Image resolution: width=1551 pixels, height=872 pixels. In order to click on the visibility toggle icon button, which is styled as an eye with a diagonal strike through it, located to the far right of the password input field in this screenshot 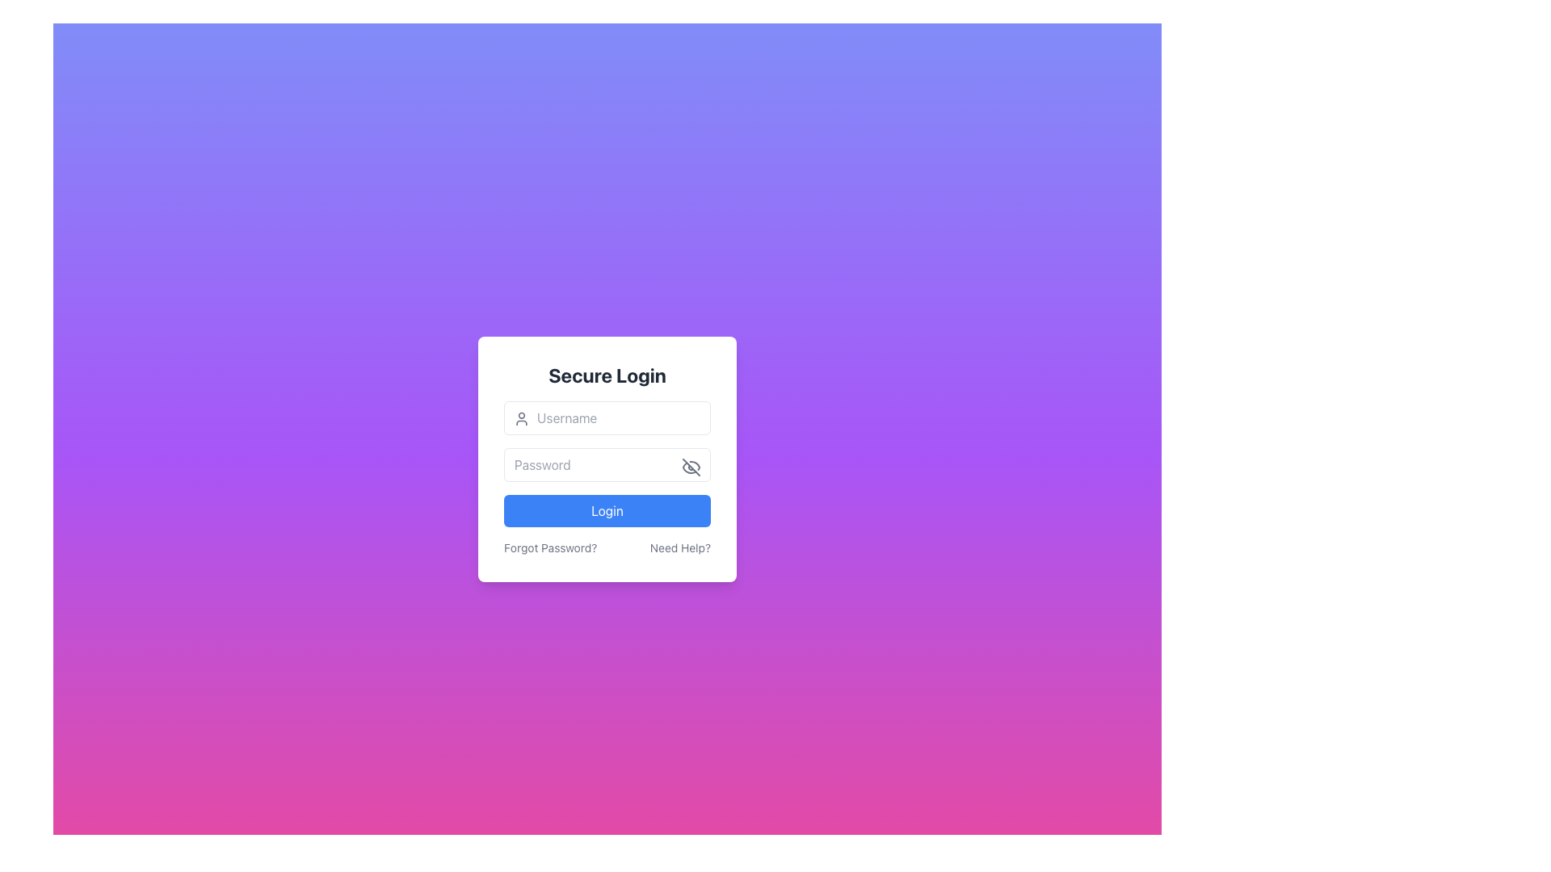, I will do `click(691, 467)`.